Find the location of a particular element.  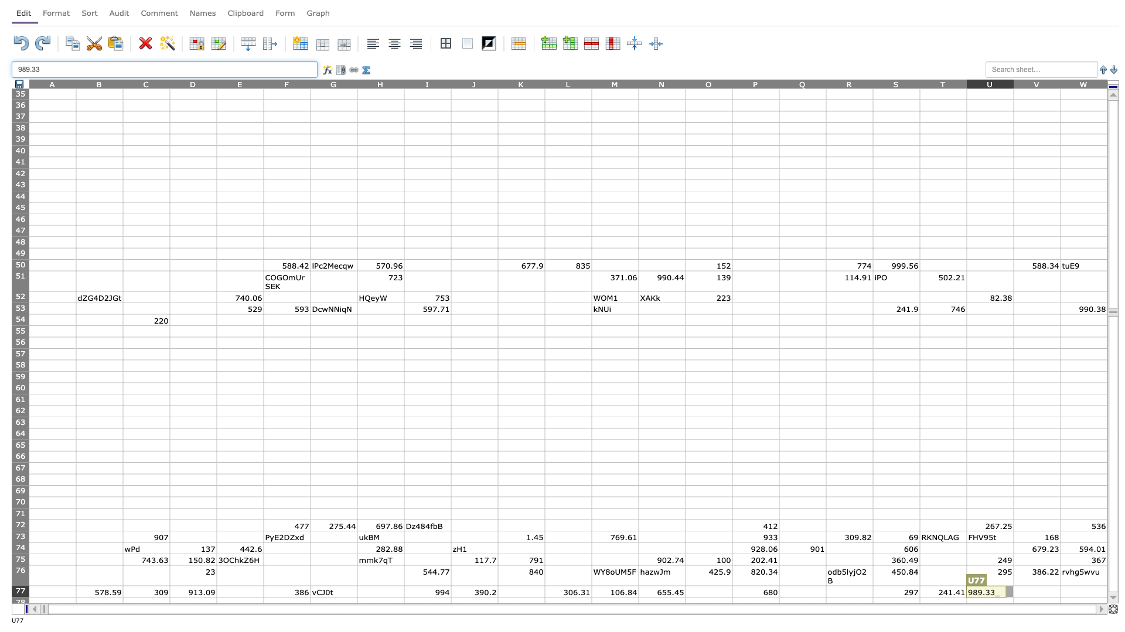

top left corner of V77 is located at coordinates (1012, 586).